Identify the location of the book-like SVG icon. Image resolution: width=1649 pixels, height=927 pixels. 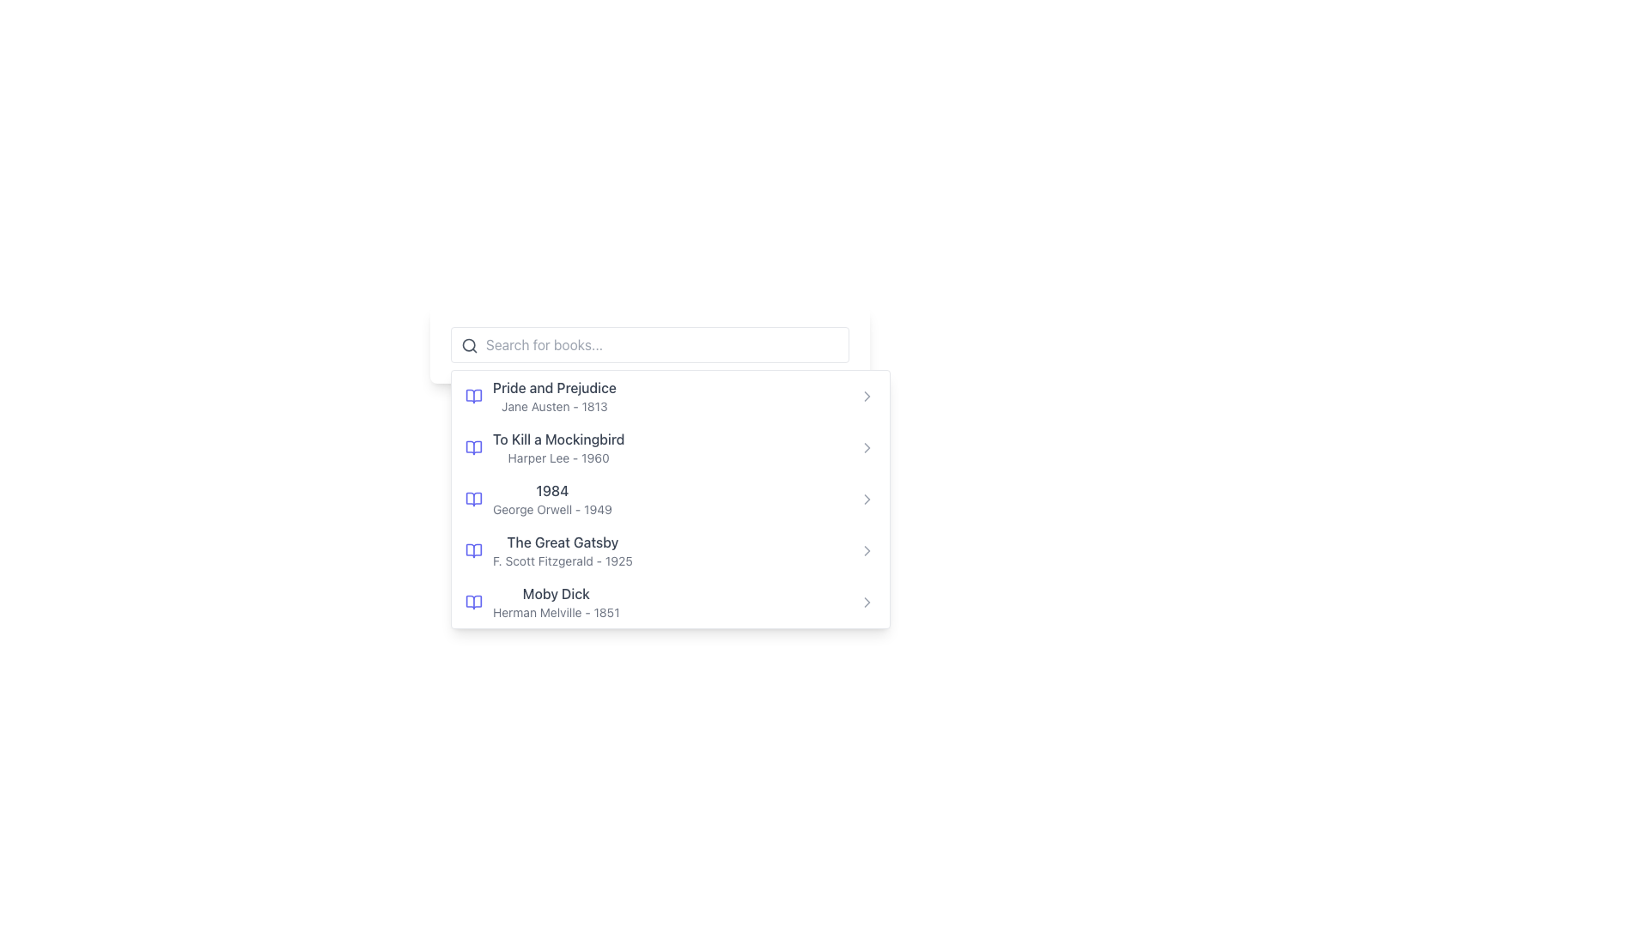
(474, 602).